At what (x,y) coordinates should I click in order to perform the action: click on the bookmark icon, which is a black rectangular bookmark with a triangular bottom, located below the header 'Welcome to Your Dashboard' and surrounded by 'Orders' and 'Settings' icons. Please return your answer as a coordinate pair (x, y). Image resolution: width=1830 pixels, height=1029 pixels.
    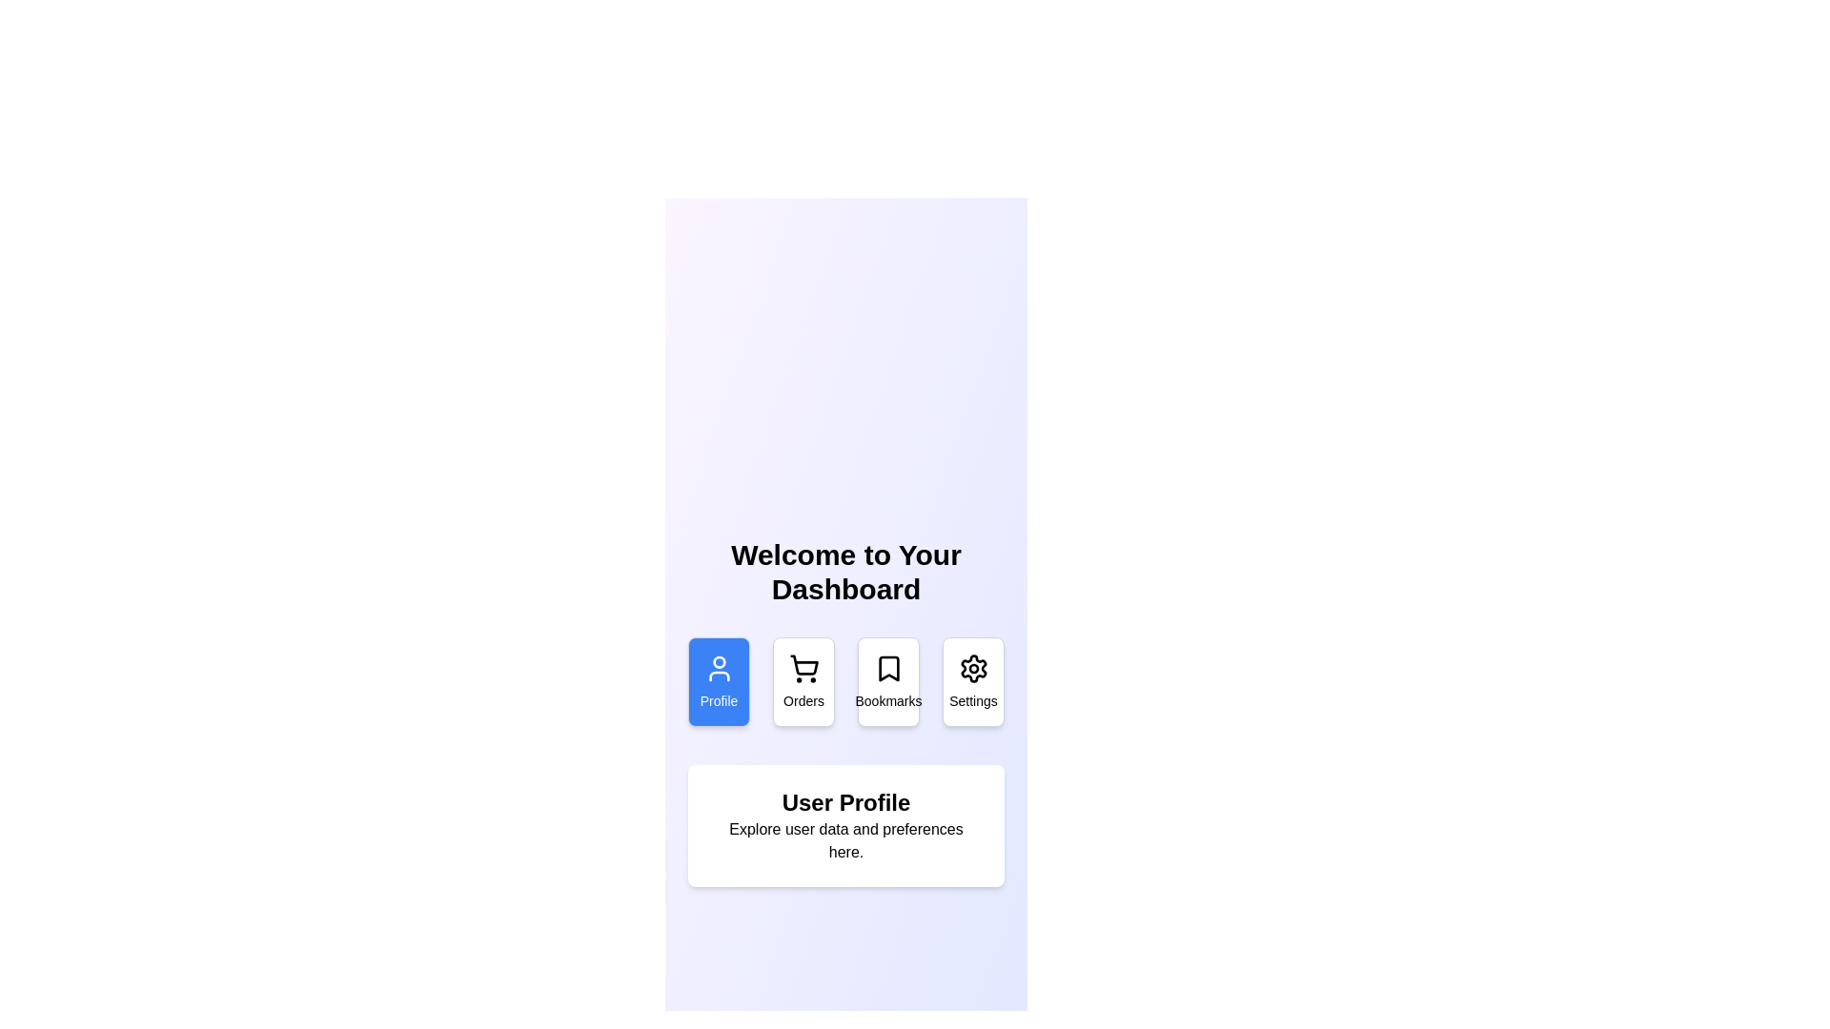
    Looking at the image, I should click on (887, 668).